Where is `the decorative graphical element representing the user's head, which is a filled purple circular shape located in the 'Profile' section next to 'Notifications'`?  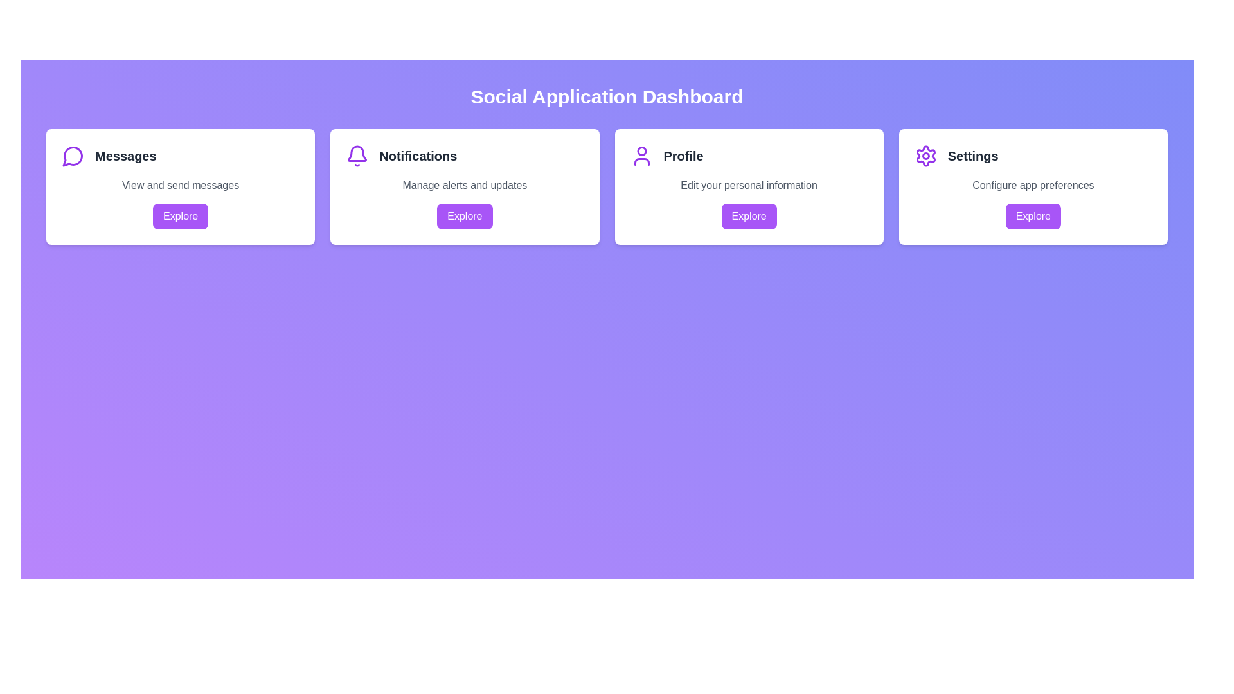 the decorative graphical element representing the user's head, which is a filled purple circular shape located in the 'Profile' section next to 'Notifications' is located at coordinates (641, 150).